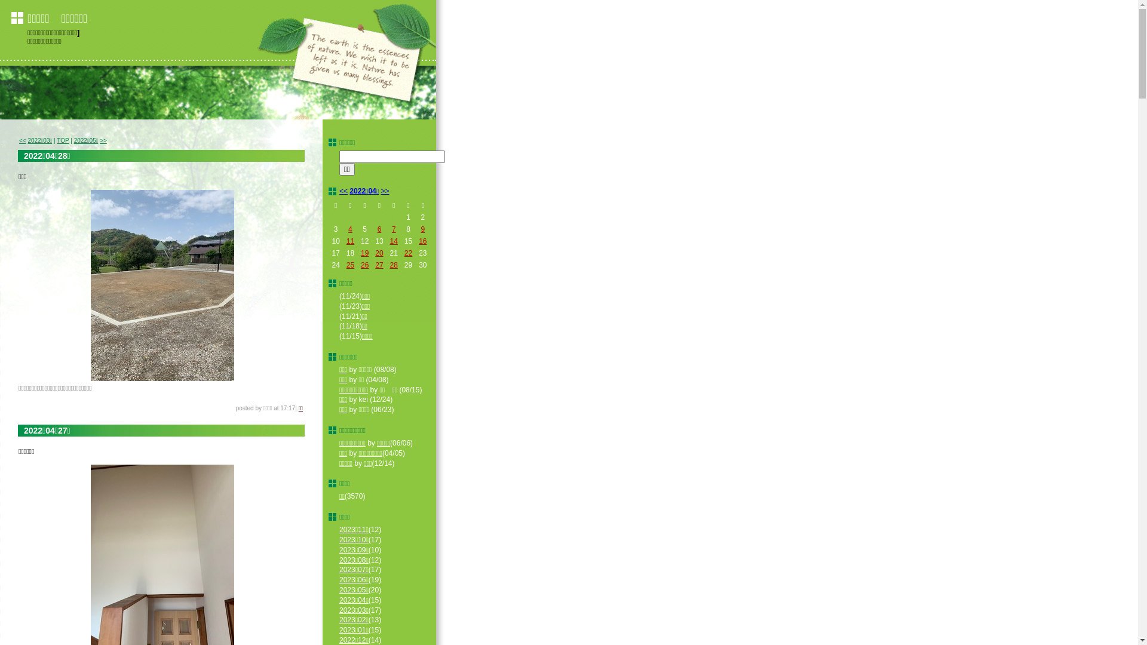 This screenshot has height=645, width=1147. What do you see at coordinates (418, 241) in the screenshot?
I see `'16'` at bounding box center [418, 241].